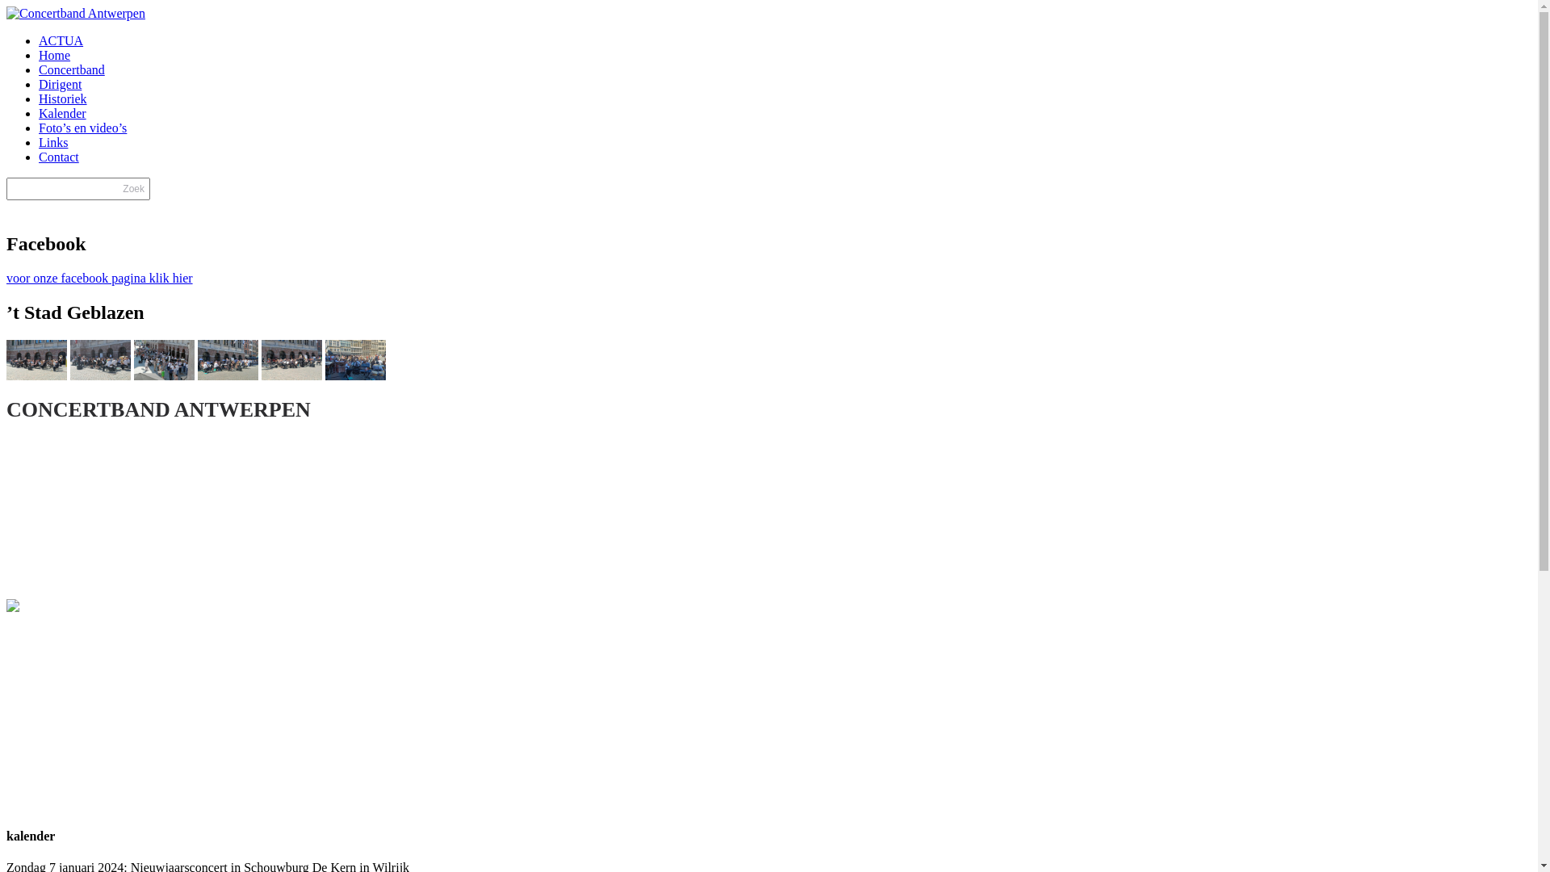  Describe the element at coordinates (71, 69) in the screenshot. I see `'Concertband'` at that location.